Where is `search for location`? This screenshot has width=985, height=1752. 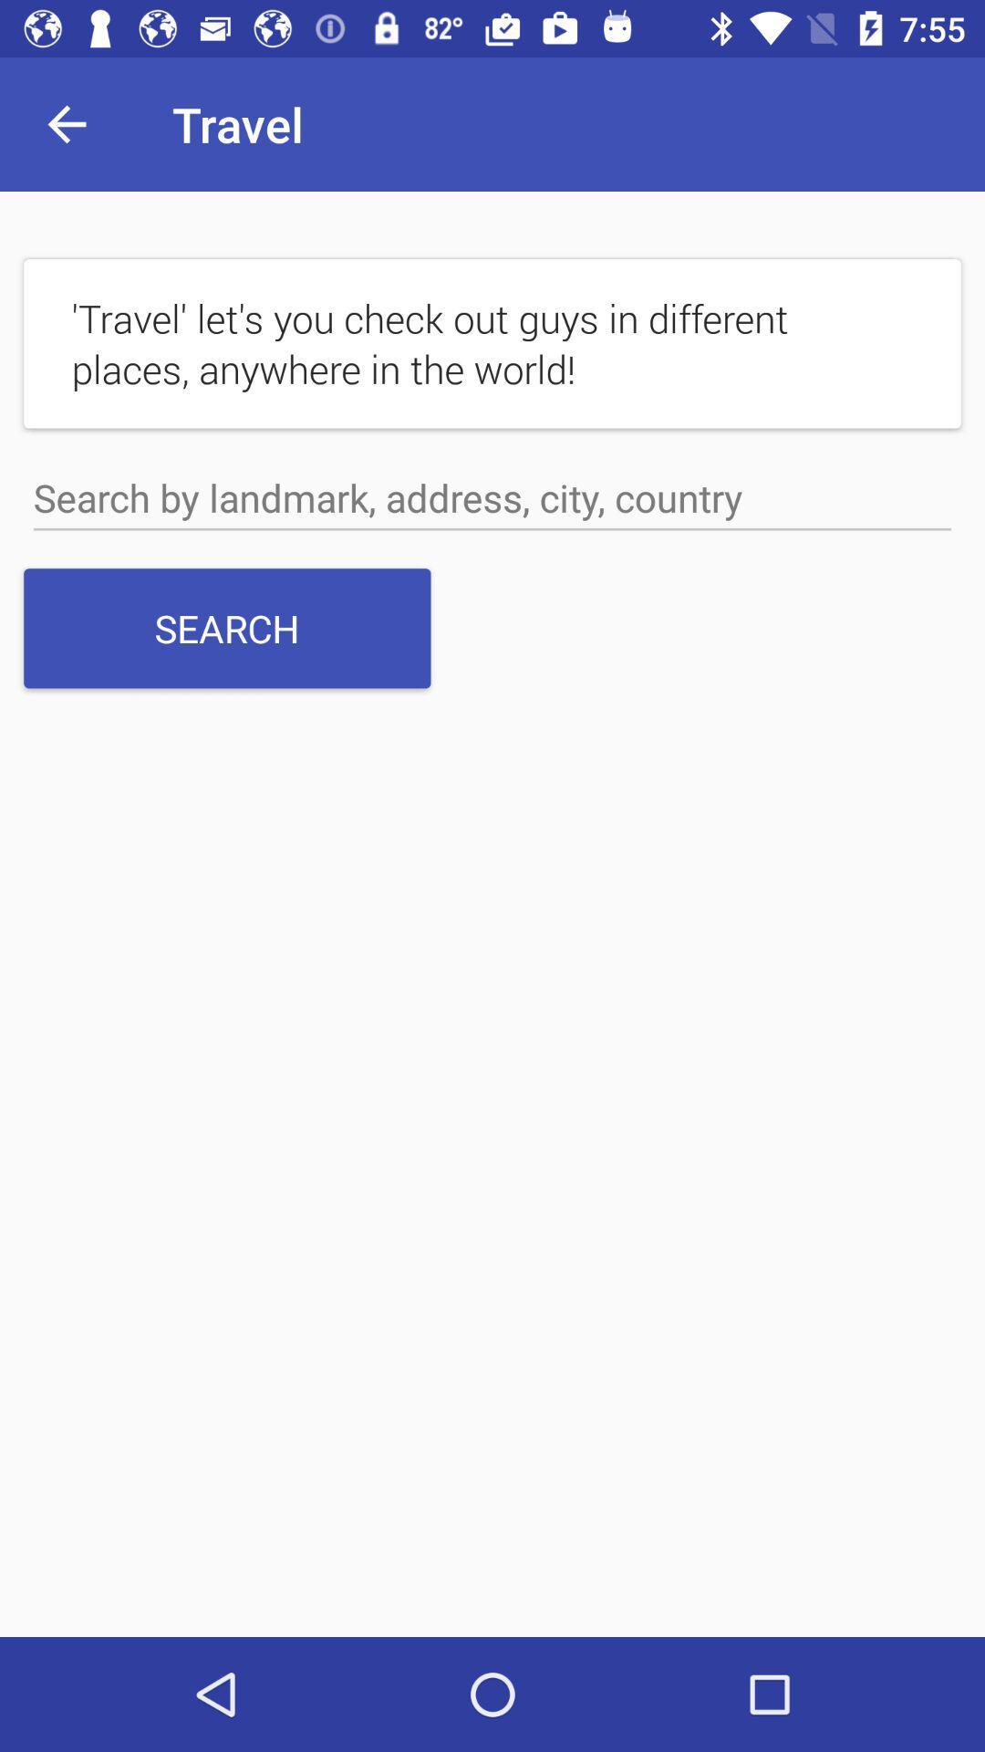
search for location is located at coordinates (493, 498).